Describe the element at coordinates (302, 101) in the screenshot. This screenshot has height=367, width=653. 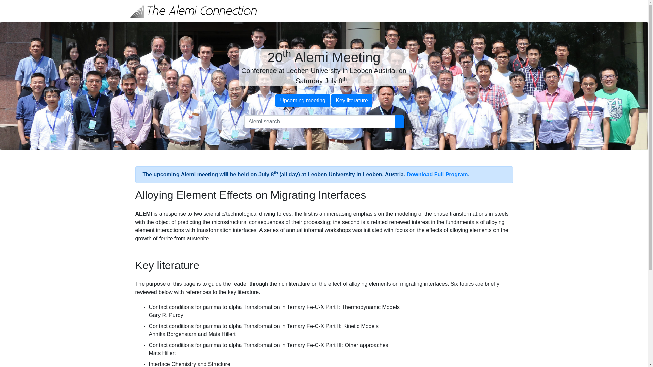
I see `'Upcoming meeting'` at that location.